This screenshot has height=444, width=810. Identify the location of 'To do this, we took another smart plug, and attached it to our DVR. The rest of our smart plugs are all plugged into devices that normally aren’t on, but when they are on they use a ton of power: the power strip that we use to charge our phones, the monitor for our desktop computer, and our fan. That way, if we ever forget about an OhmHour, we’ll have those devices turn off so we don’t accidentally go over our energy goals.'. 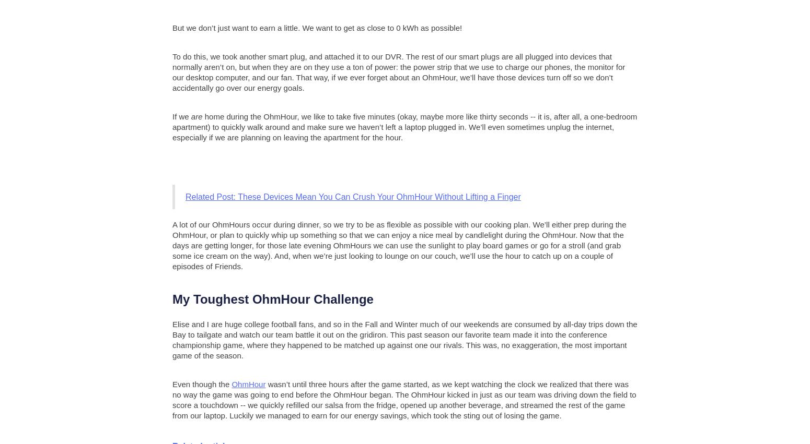
(171, 71).